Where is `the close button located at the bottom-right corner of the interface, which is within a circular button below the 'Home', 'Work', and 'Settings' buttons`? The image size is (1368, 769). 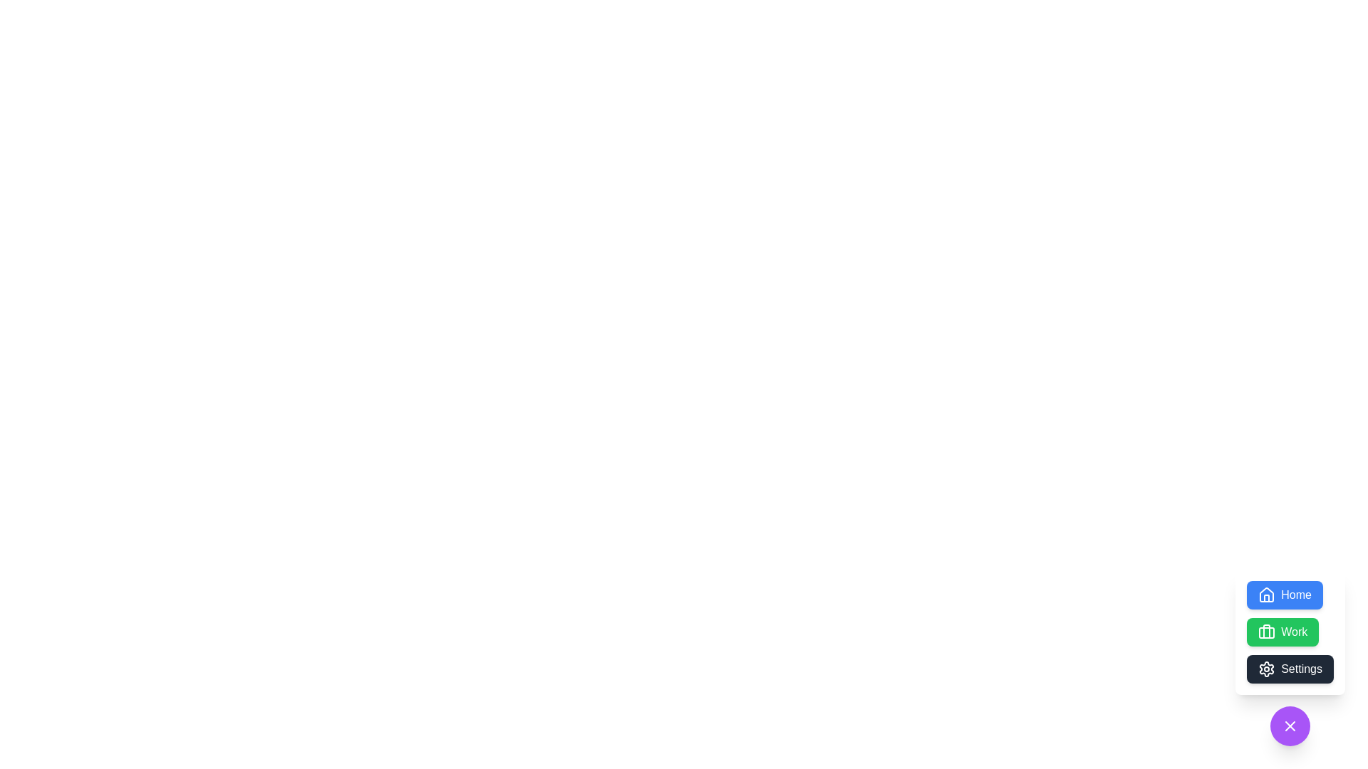
the close button located at the bottom-right corner of the interface, which is within a circular button below the 'Home', 'Work', and 'Settings' buttons is located at coordinates (1290, 726).